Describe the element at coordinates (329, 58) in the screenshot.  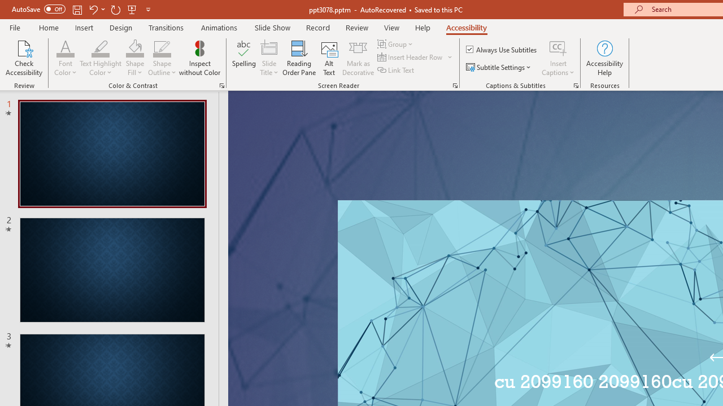
I see `'Alt Text'` at that location.